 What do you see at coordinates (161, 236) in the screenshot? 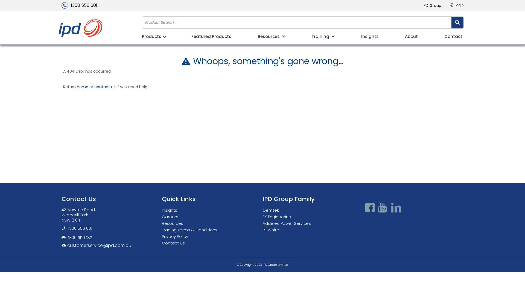
I see `'Privacy Policy'` at bounding box center [161, 236].